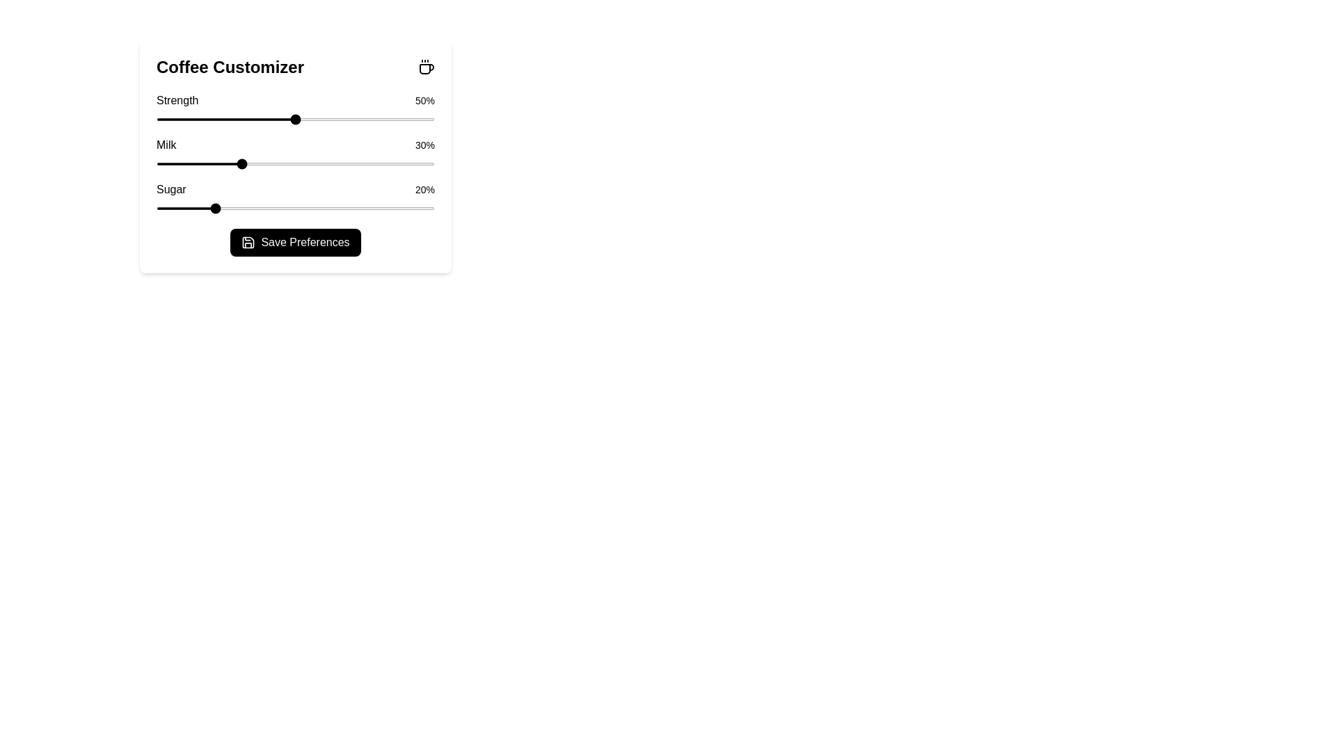  I want to click on the sugar level, so click(417, 209).